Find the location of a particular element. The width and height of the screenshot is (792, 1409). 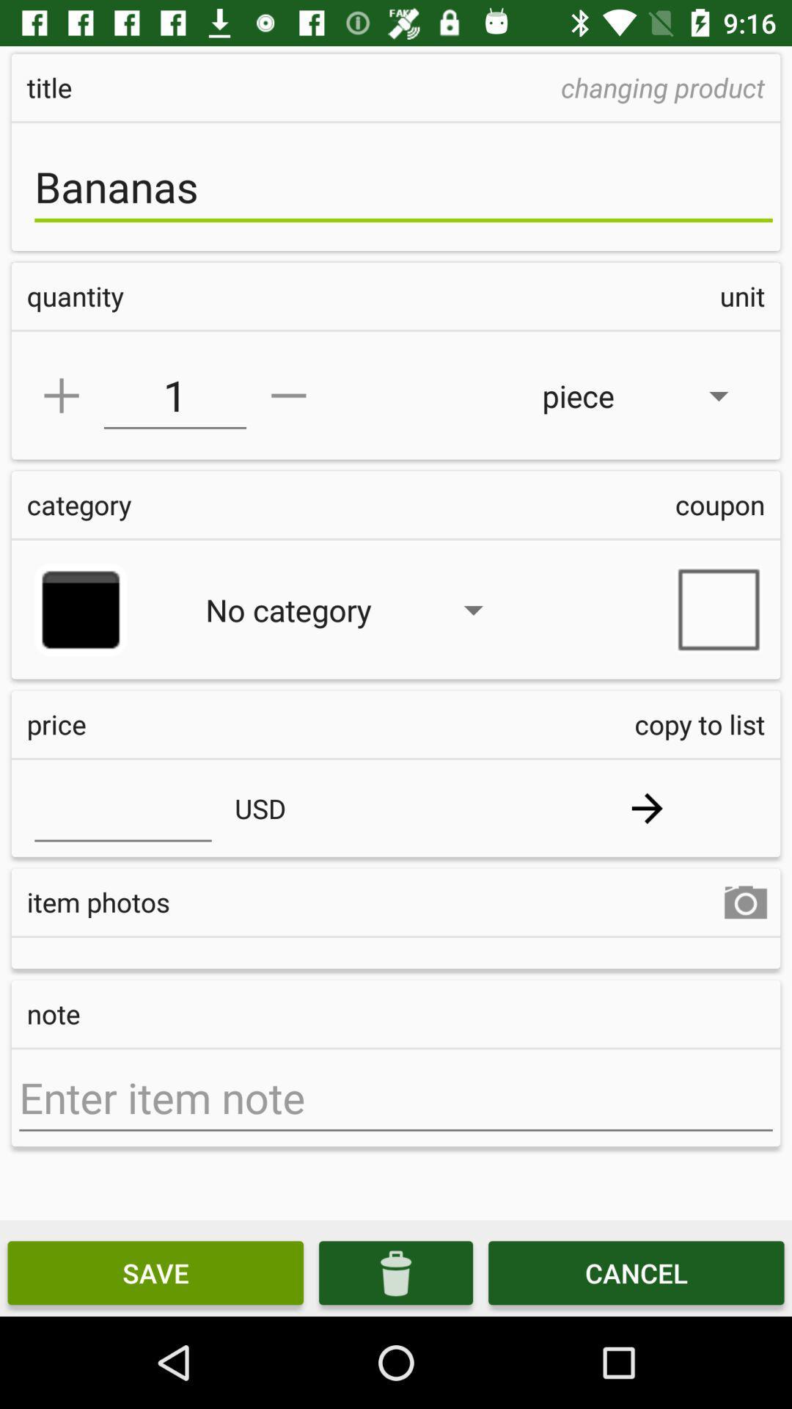

price usd is located at coordinates (122, 807).